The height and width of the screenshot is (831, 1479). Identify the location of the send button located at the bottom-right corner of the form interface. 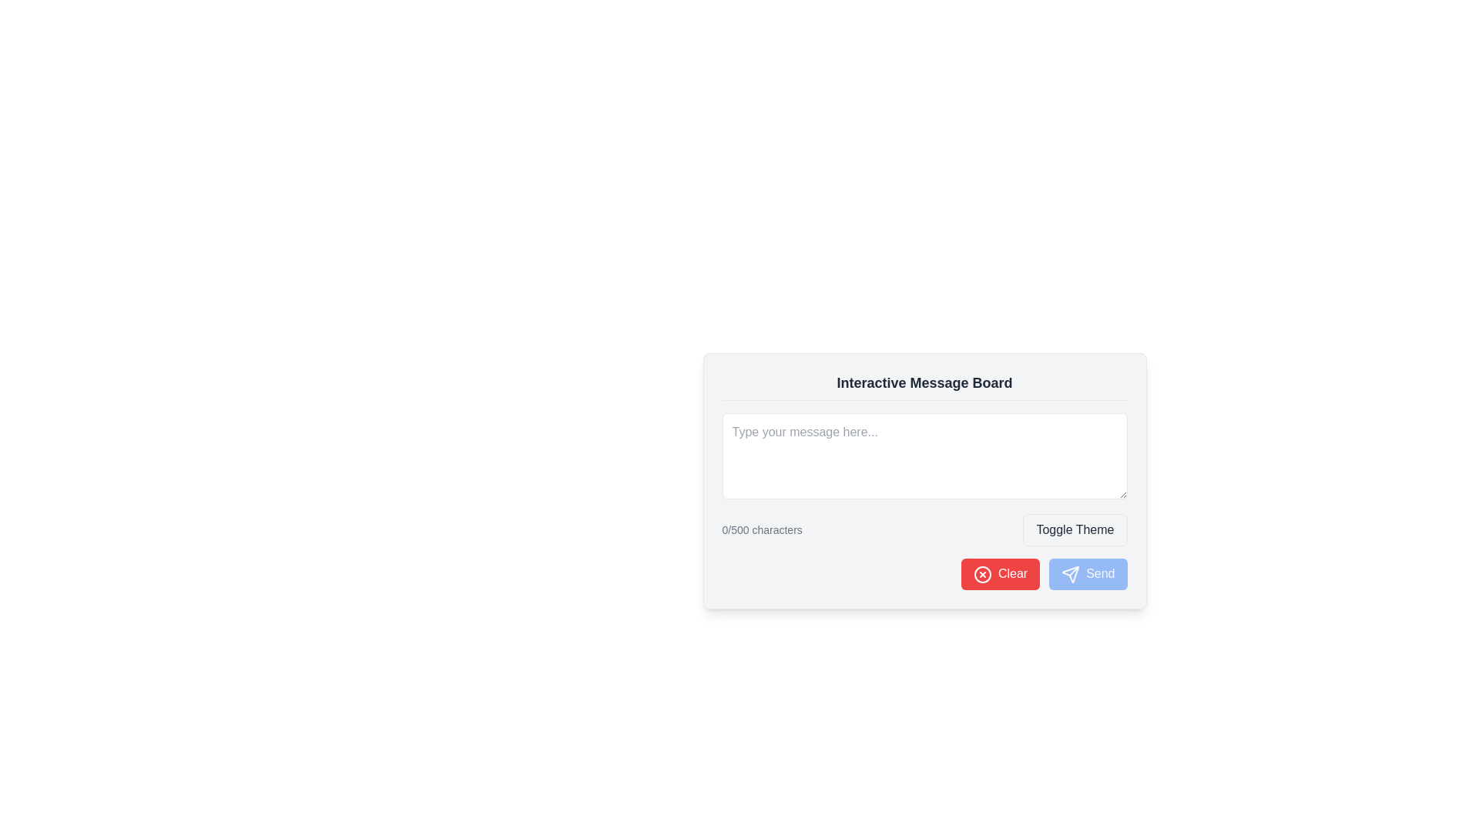
(1087, 574).